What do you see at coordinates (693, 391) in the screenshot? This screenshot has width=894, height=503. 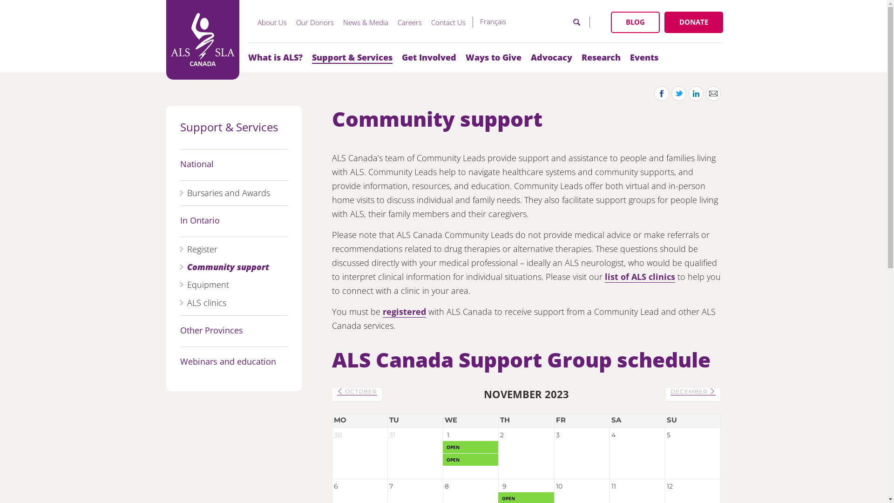 I see `'DECEMBER'` at bounding box center [693, 391].